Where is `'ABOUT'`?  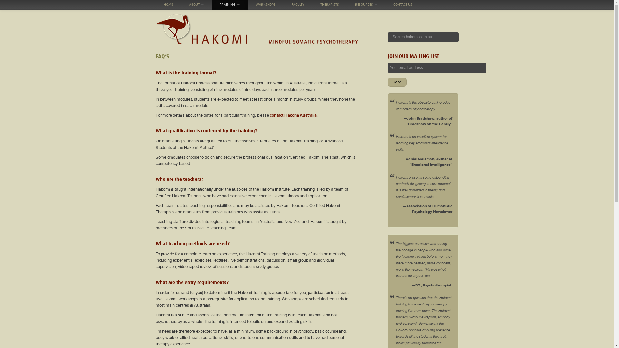
'ABOUT' is located at coordinates (196, 5).